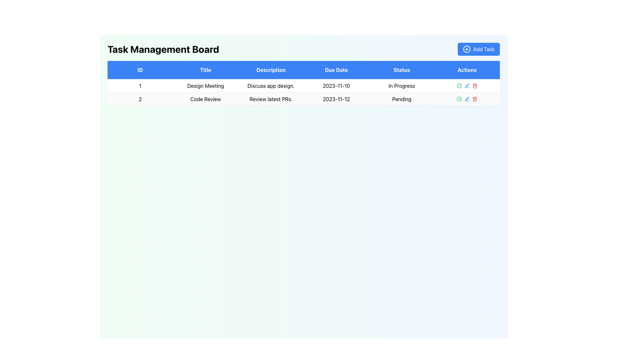 The height and width of the screenshot is (350, 622). What do you see at coordinates (467, 86) in the screenshot?
I see `the blue pen icon button located in the second row of the actions column to initiate editing` at bounding box center [467, 86].